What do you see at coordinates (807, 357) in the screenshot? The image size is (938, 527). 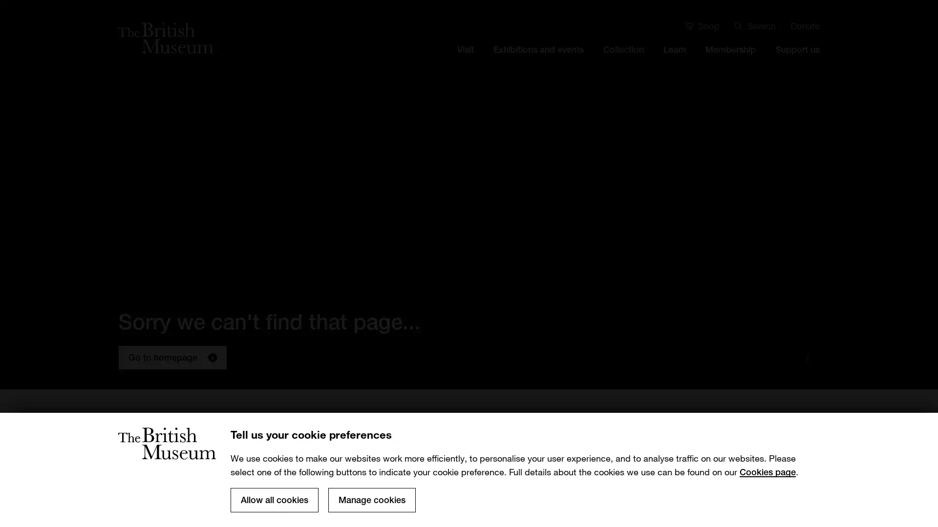 I see `Show image caption` at bounding box center [807, 357].